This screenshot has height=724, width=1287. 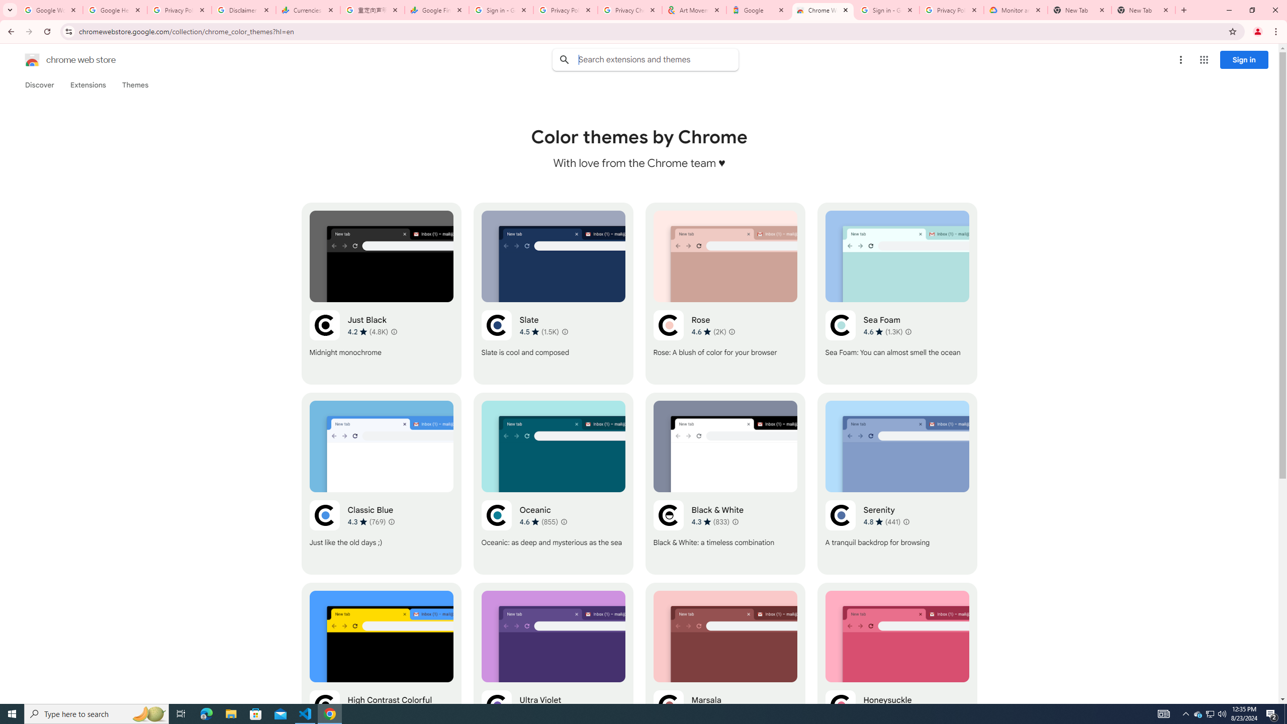 What do you see at coordinates (539, 521) in the screenshot?
I see `'Average rating 4.6 out of 5 stars. 855 ratings.'` at bounding box center [539, 521].